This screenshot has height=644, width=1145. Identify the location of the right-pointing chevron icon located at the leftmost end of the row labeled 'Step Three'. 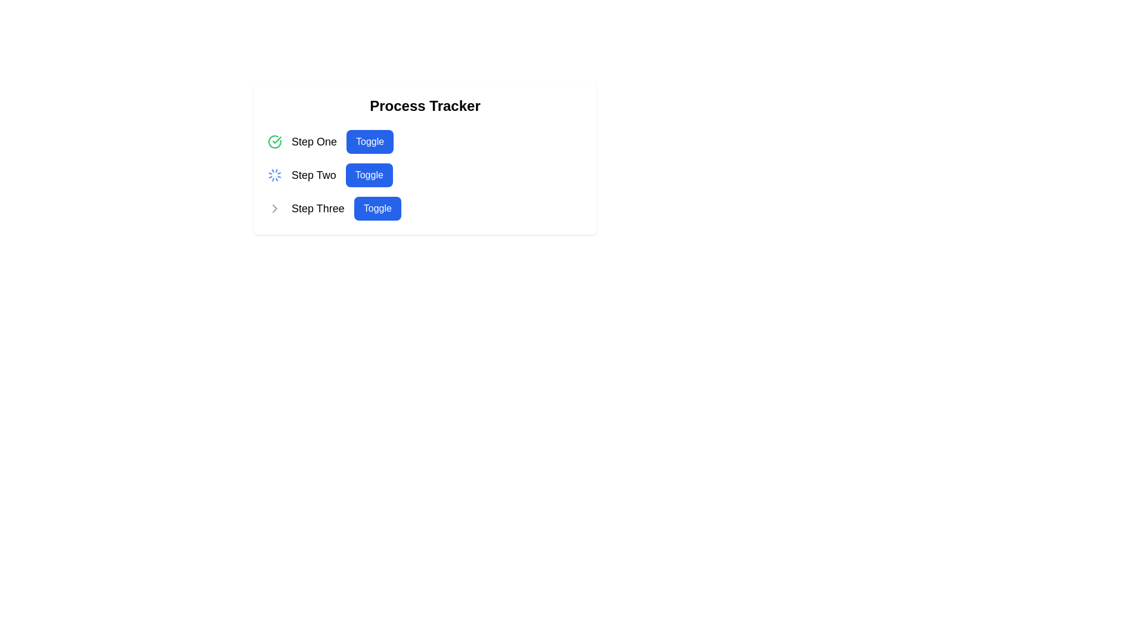
(274, 208).